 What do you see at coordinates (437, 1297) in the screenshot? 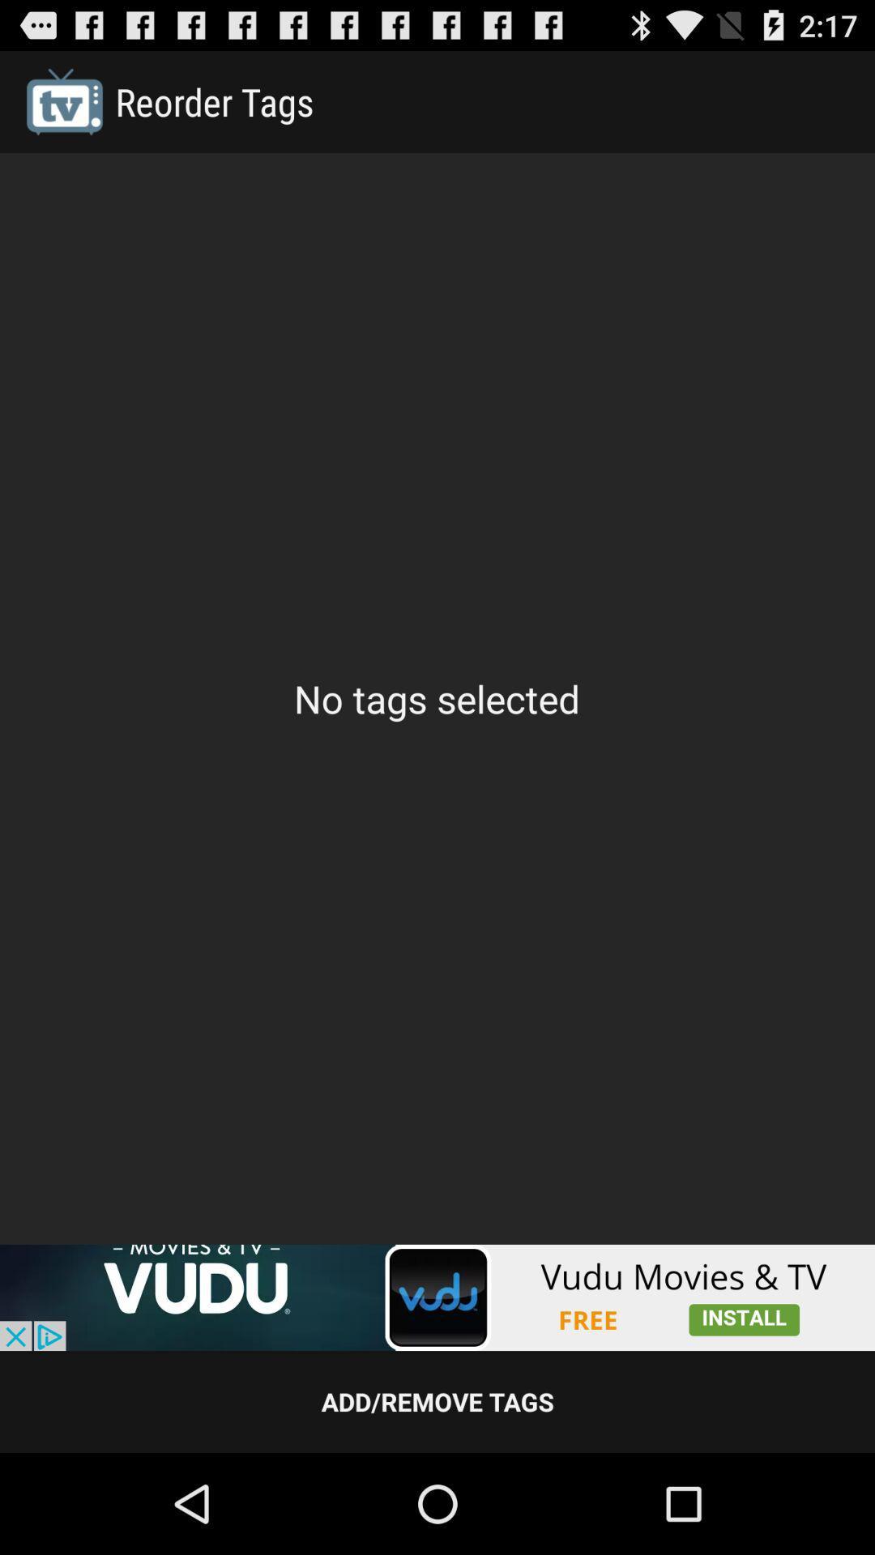
I see `advertisement` at bounding box center [437, 1297].